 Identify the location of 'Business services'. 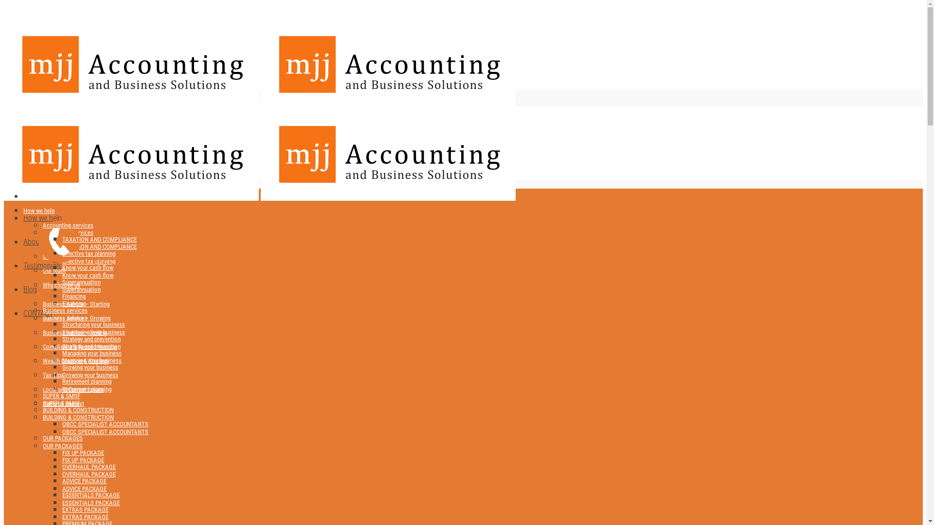
(65, 317).